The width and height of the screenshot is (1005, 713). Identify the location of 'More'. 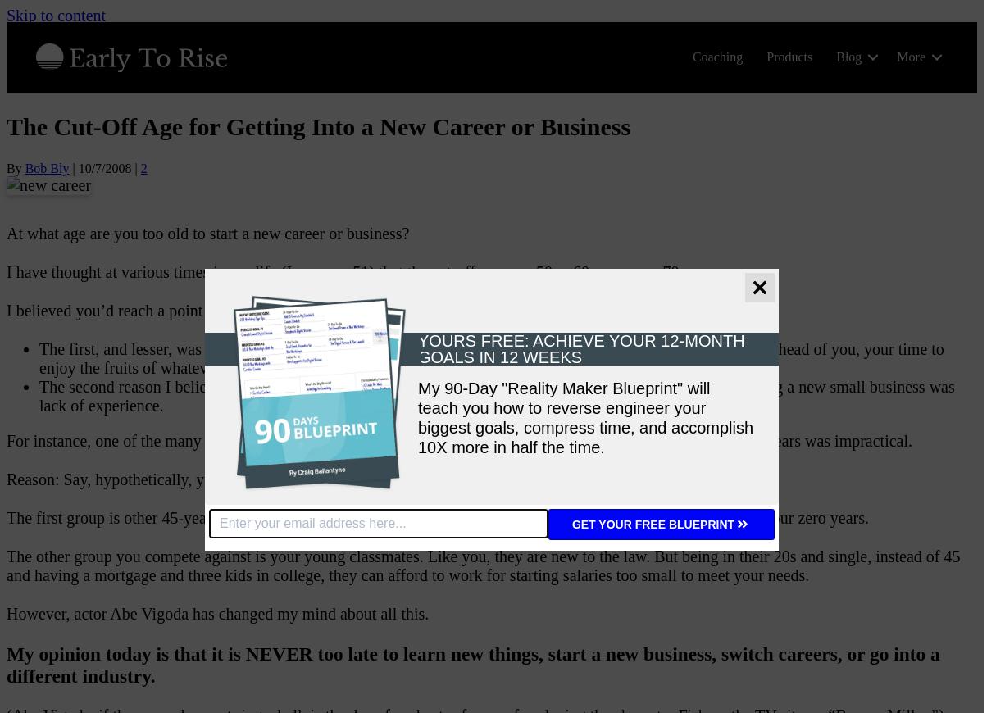
(896, 56).